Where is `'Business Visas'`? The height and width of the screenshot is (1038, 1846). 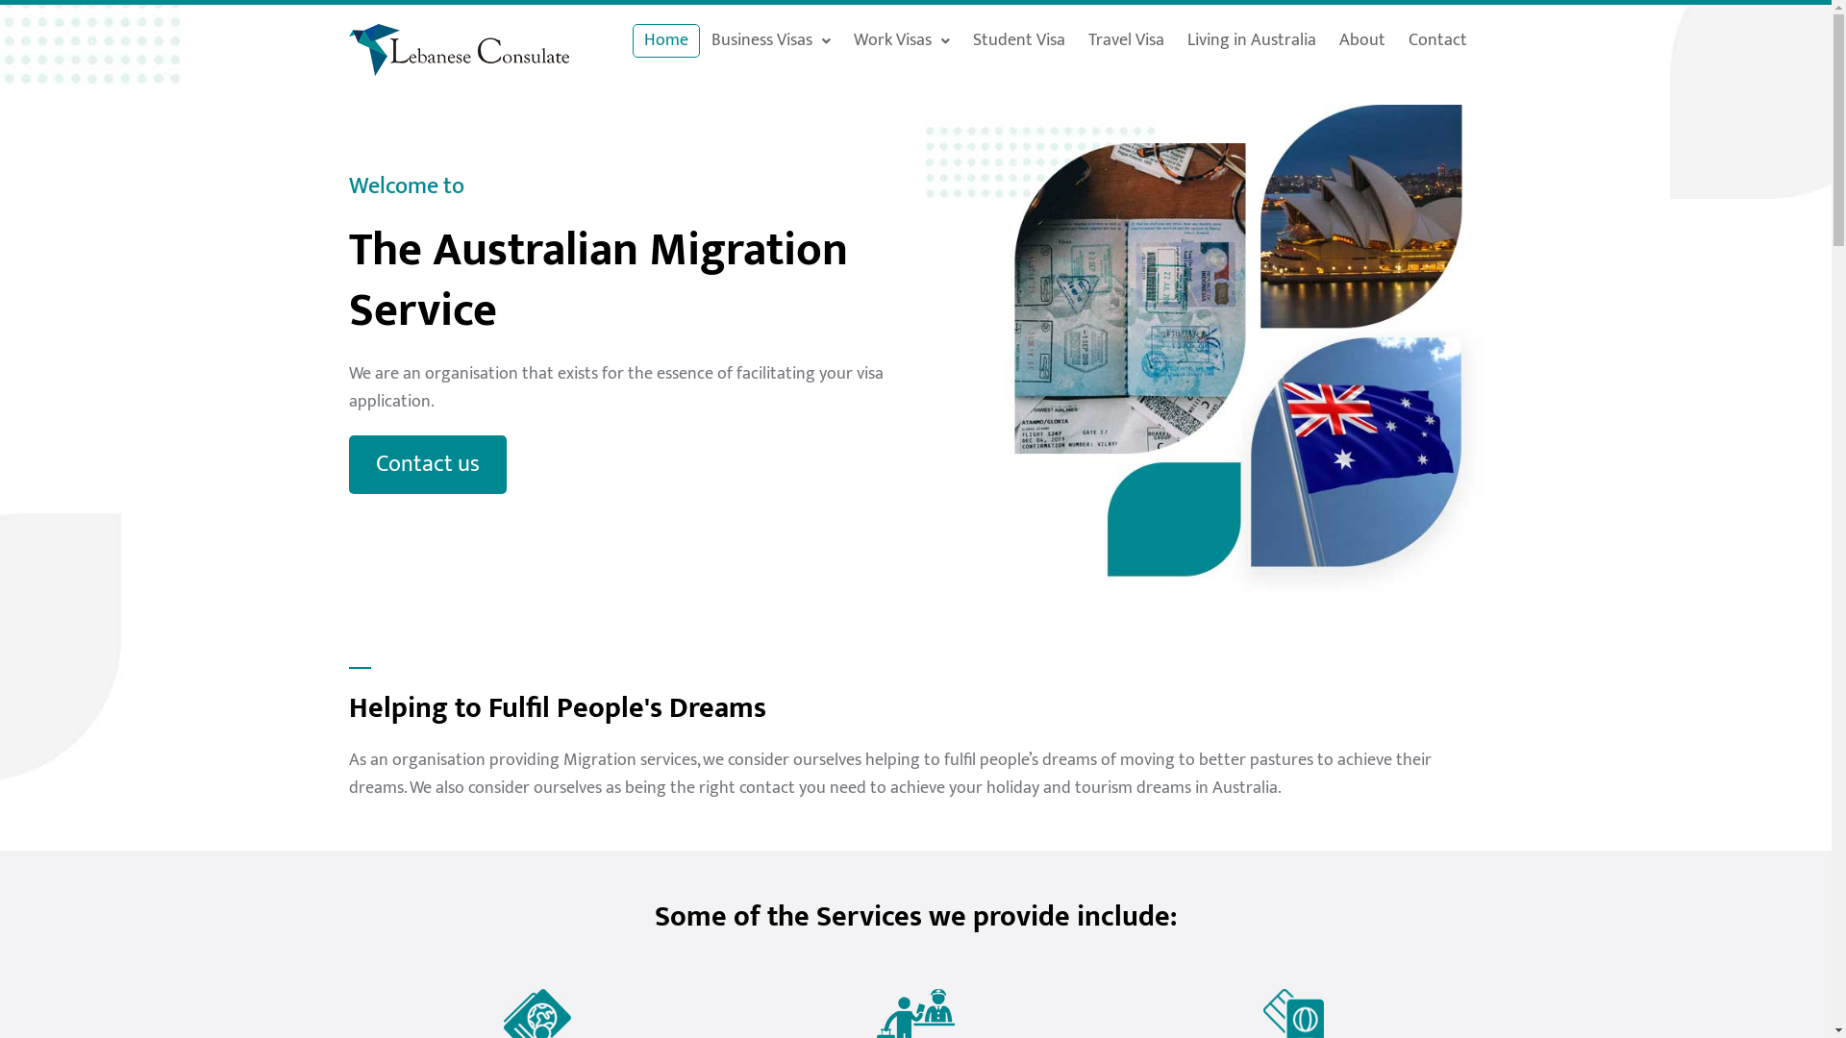
'Business Visas' is located at coordinates (770, 40).